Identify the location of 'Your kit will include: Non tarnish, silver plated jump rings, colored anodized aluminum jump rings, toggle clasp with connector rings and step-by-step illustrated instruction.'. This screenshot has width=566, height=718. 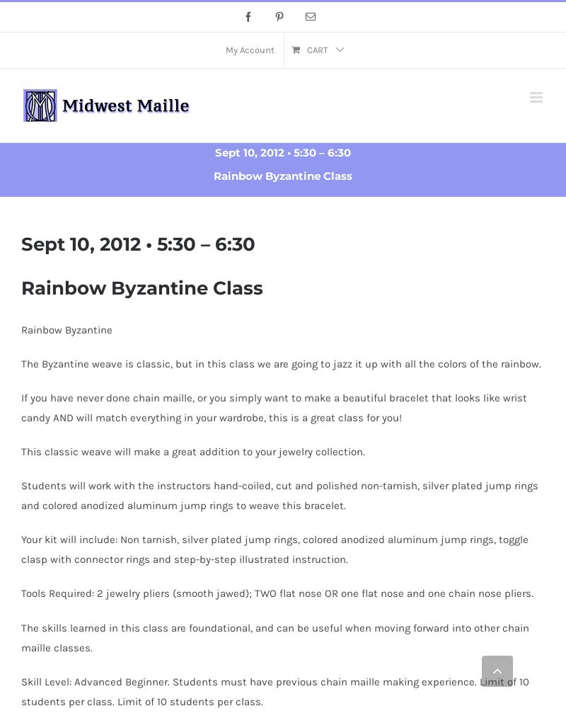
(274, 549).